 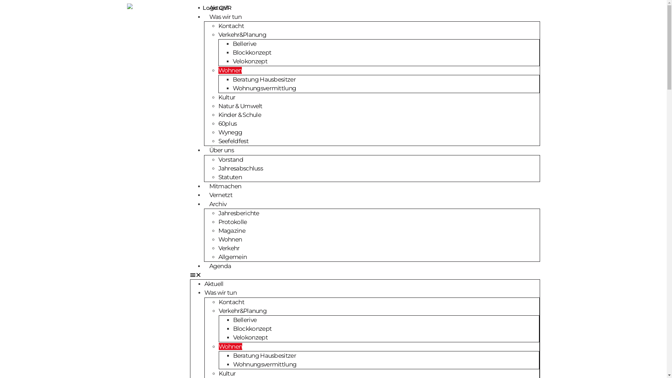 What do you see at coordinates (230, 239) in the screenshot?
I see `'Wohnen'` at bounding box center [230, 239].